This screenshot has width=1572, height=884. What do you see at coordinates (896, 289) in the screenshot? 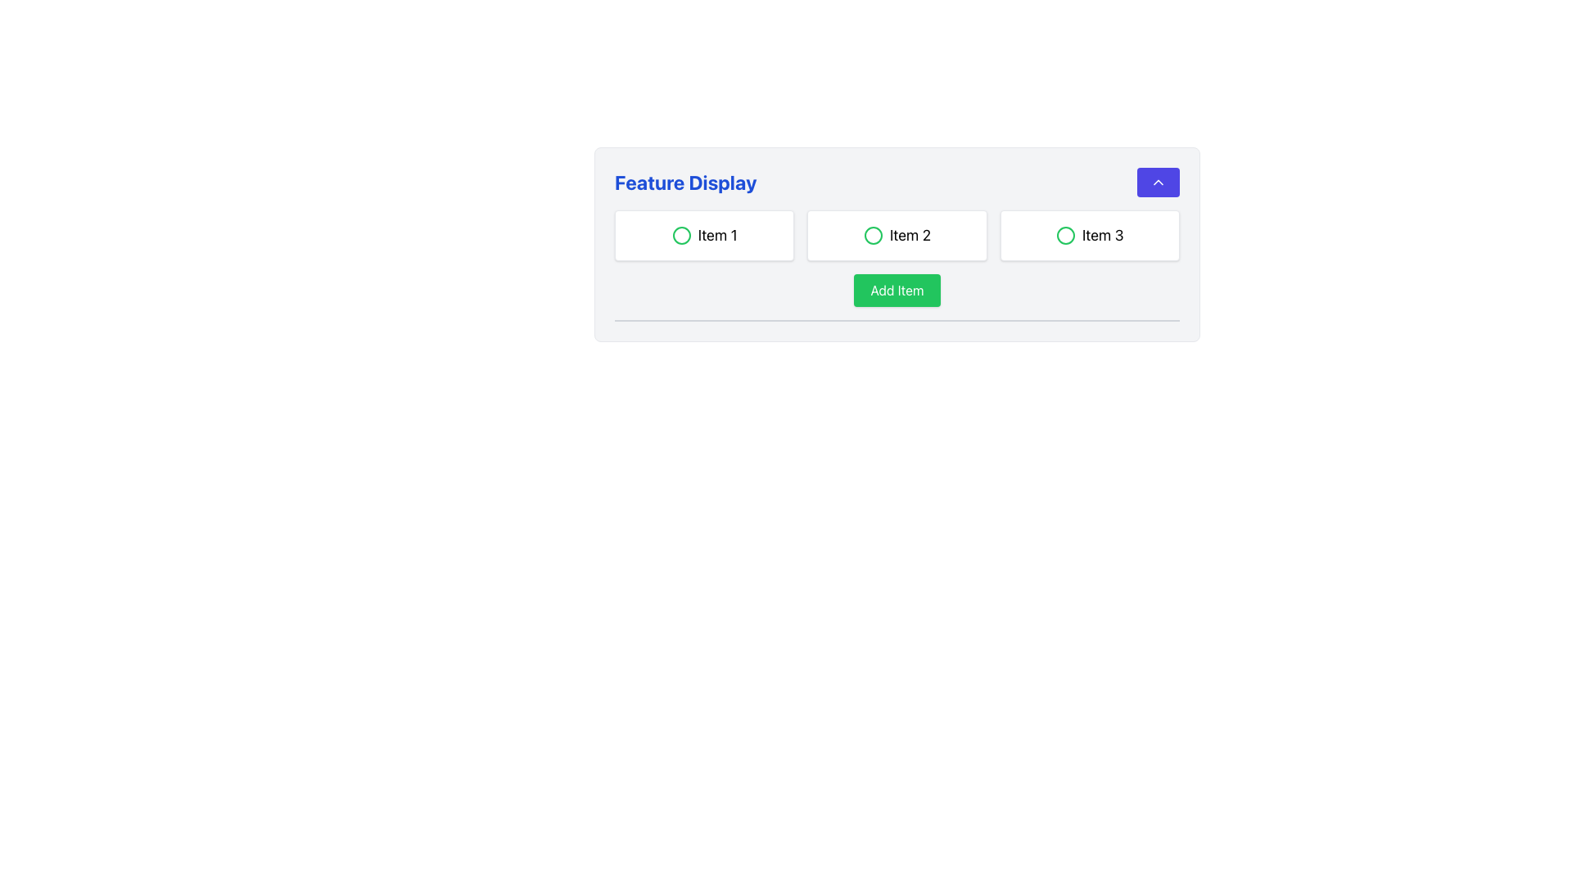
I see `the 'Add Item' button, a rectangular button with rounded edges and white text on a green background` at bounding box center [896, 289].